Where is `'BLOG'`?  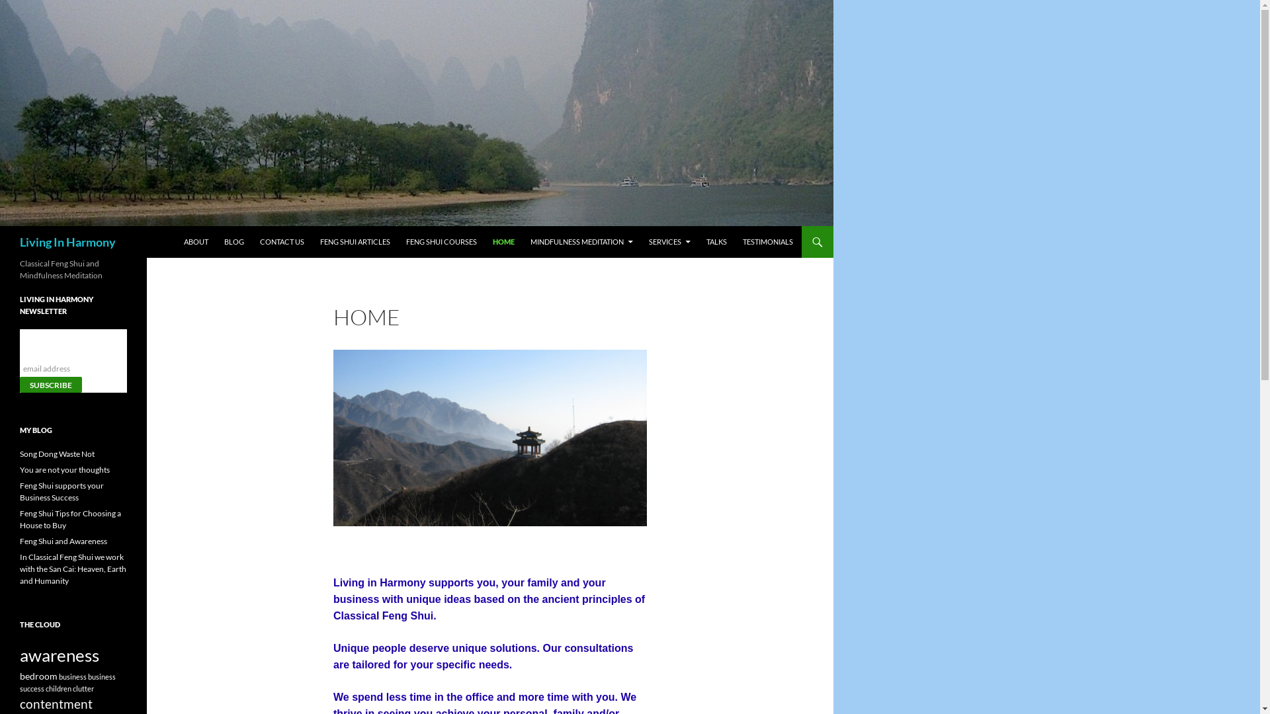
'BLOG' is located at coordinates (216, 242).